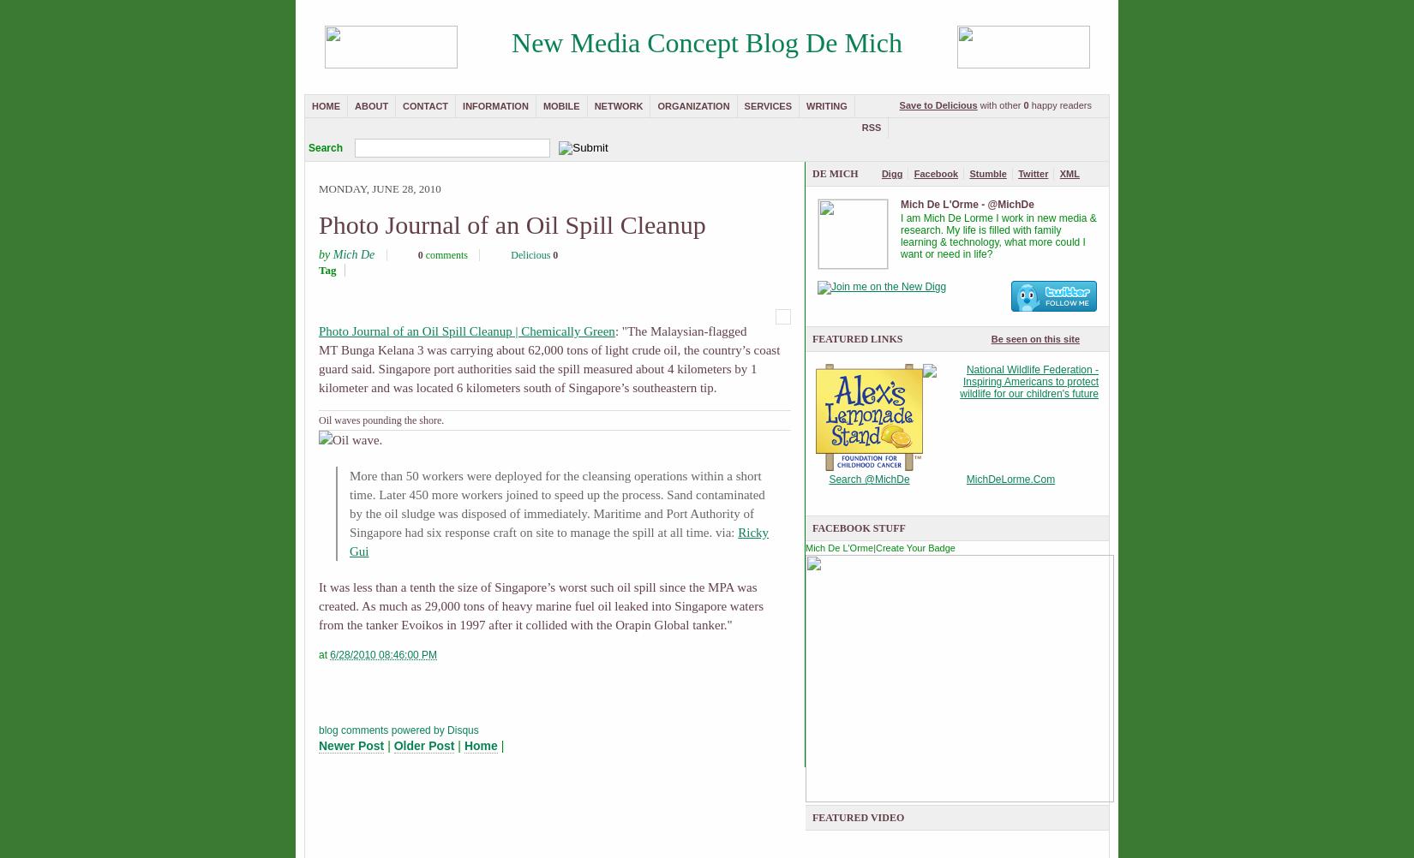  I want to click on ': "The Malaysian-flagged MT Bunga Kelana 3 was carrying about 62,000 tons of light crude oil, the country’s coast guard said. Singapore port authorities said the spill measured about 4 kilometers by 1 kilometer and was located 6 kilometers south of Singapore’s southeastern tip.', so click(548, 359).